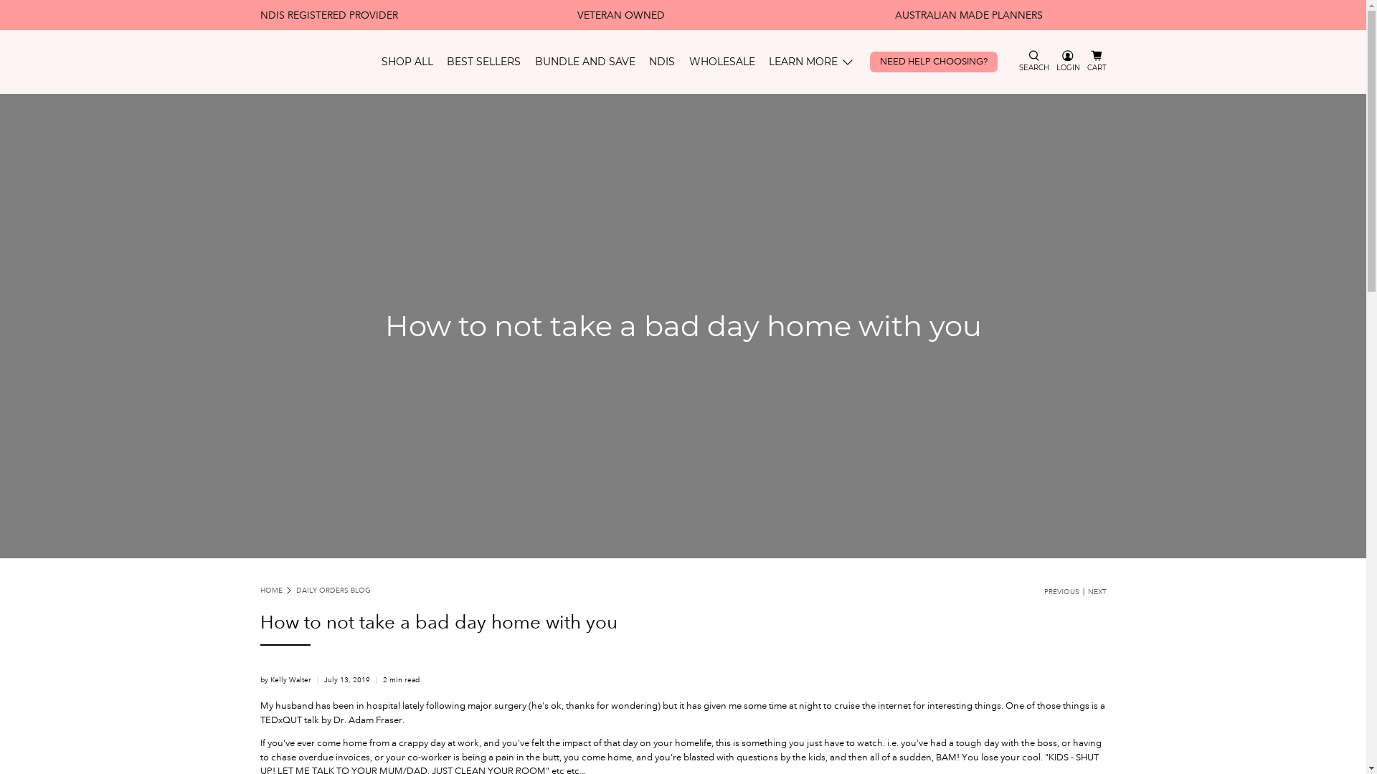  I want to click on 'SEARCH', so click(1033, 61).